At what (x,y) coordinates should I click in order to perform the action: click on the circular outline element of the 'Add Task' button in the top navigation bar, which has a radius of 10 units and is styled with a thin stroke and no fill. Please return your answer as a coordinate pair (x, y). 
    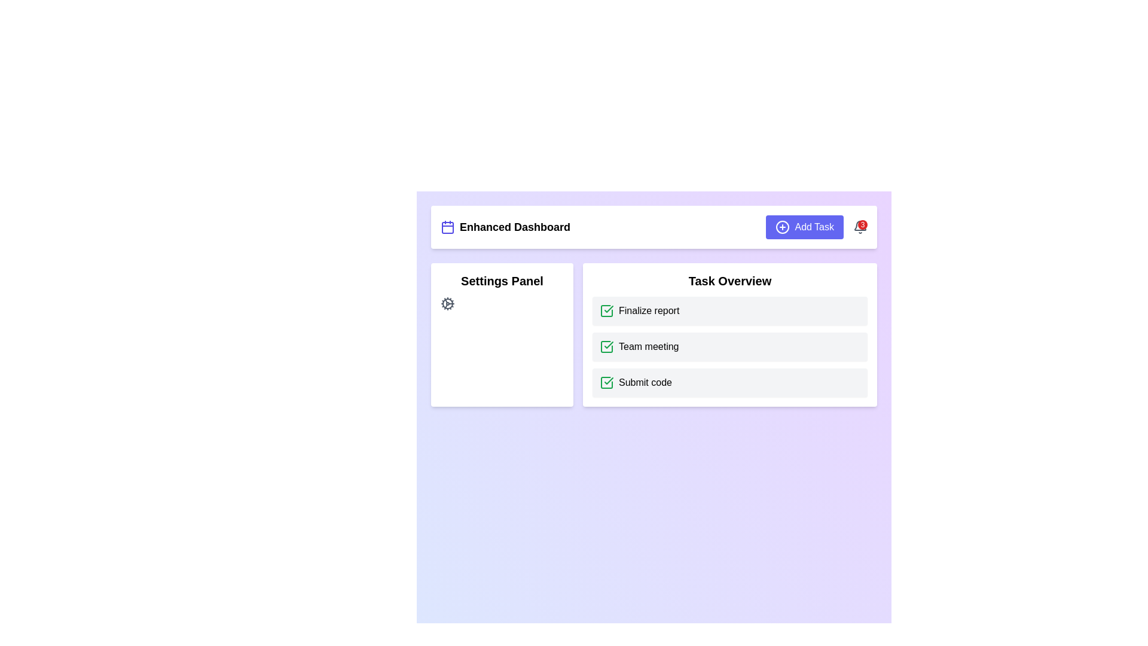
    Looking at the image, I should click on (783, 227).